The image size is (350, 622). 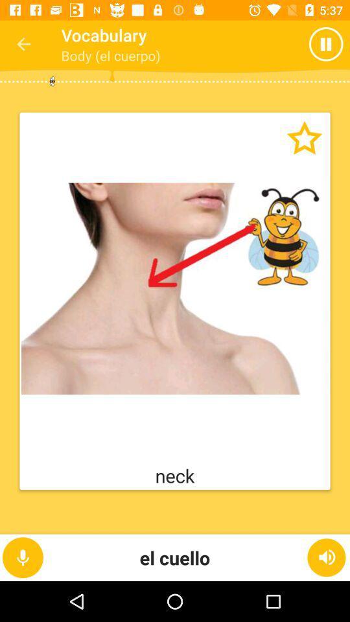 What do you see at coordinates (300, 44) in the screenshot?
I see `icon to the right of the body (el cuerpo)` at bounding box center [300, 44].